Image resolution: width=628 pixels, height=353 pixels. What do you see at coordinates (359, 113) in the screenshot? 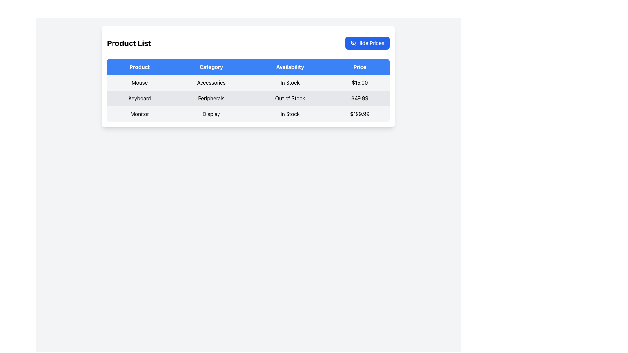
I see `static text displaying the price '$199.99' located in the last column of the third row under the 'Price' header in a table` at bounding box center [359, 113].